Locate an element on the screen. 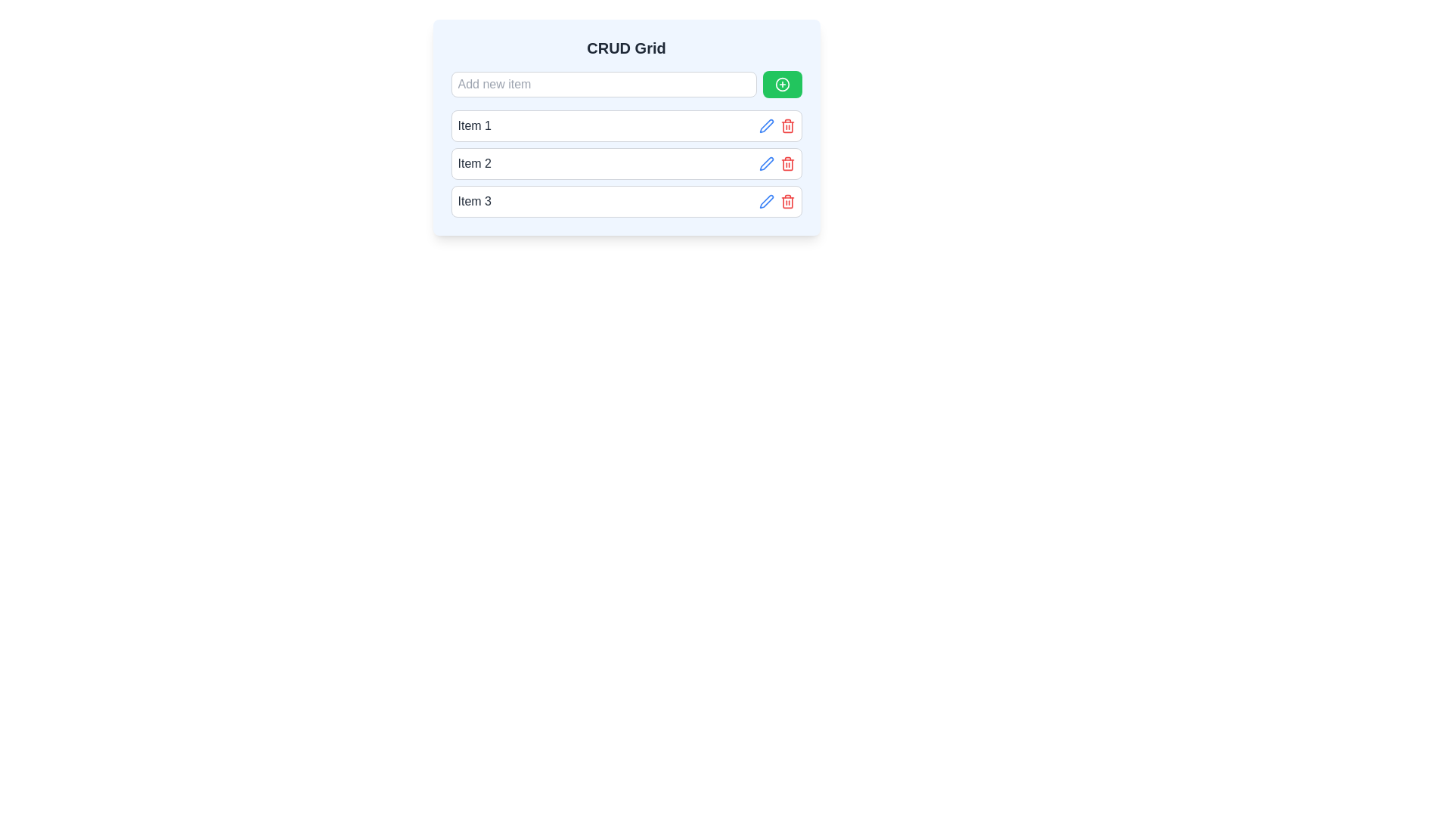  the input field for adding a new item is located at coordinates (626, 84).